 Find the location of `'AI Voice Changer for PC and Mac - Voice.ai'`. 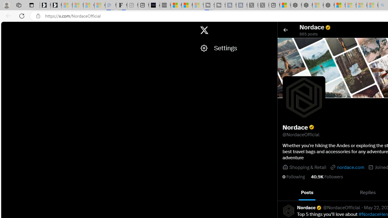

'AI Voice Changer for PC and Mac - Voice.ai' is located at coordinates (154, 5).